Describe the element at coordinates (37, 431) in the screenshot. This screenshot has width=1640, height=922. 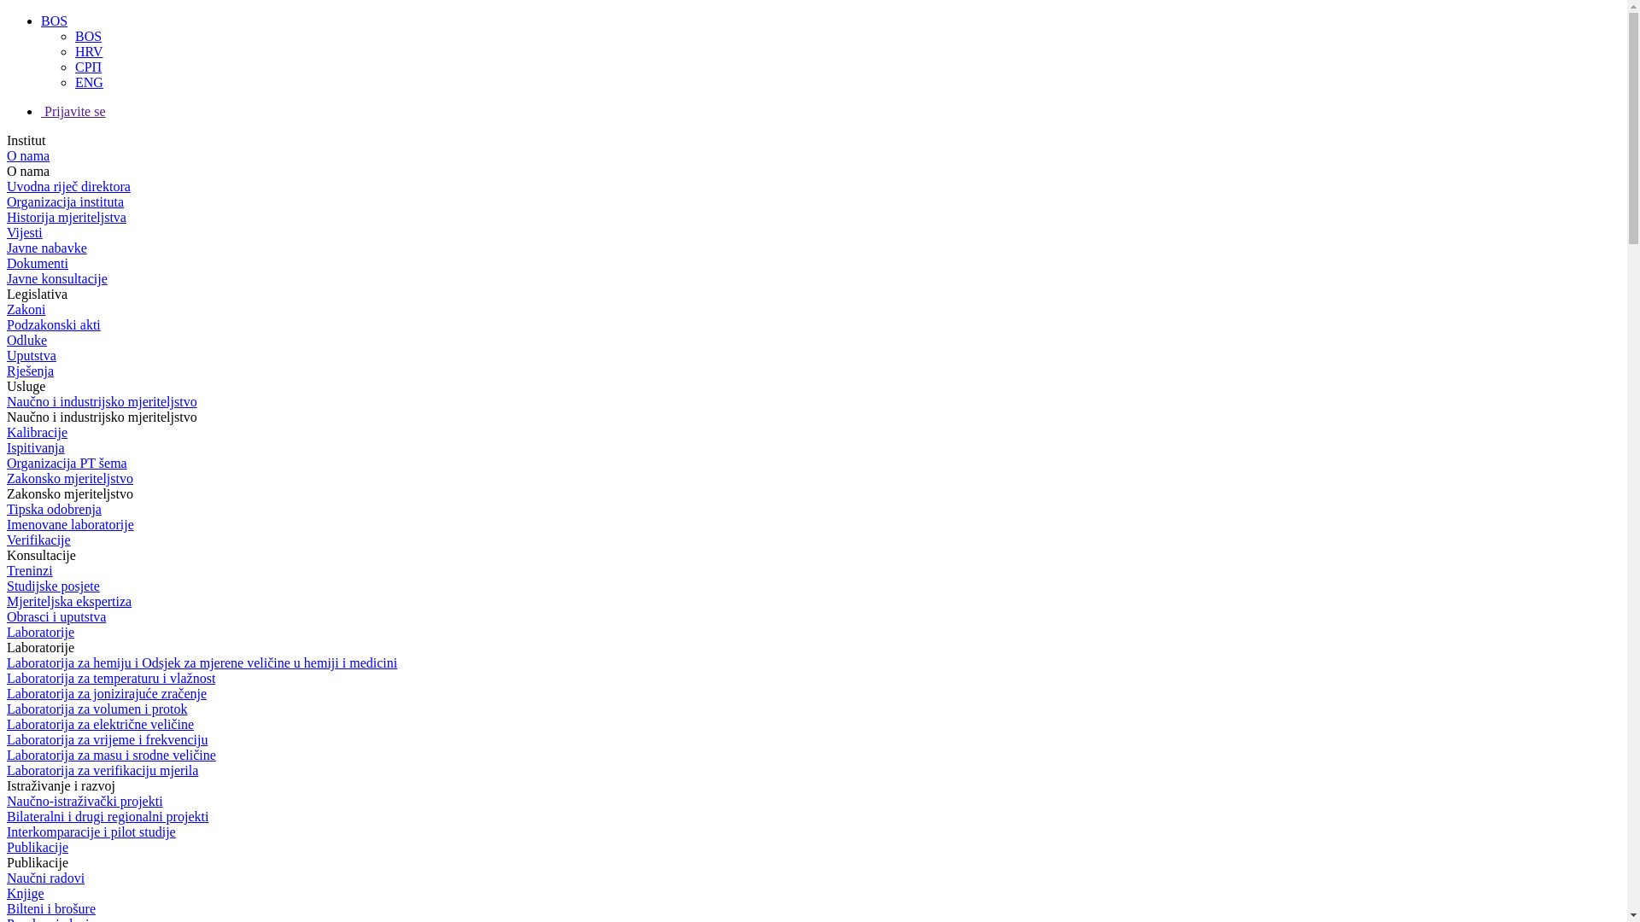
I see `'Kalibracije'` at that location.